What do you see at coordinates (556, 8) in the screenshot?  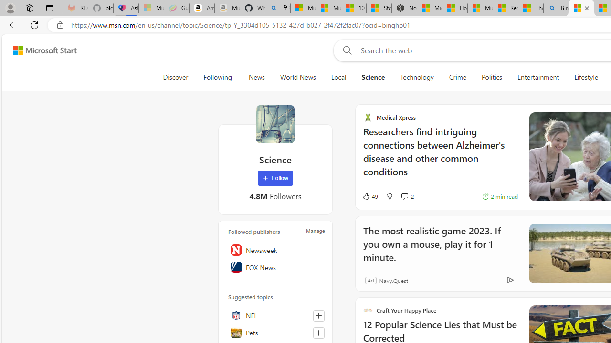 I see `'Bing'` at bounding box center [556, 8].